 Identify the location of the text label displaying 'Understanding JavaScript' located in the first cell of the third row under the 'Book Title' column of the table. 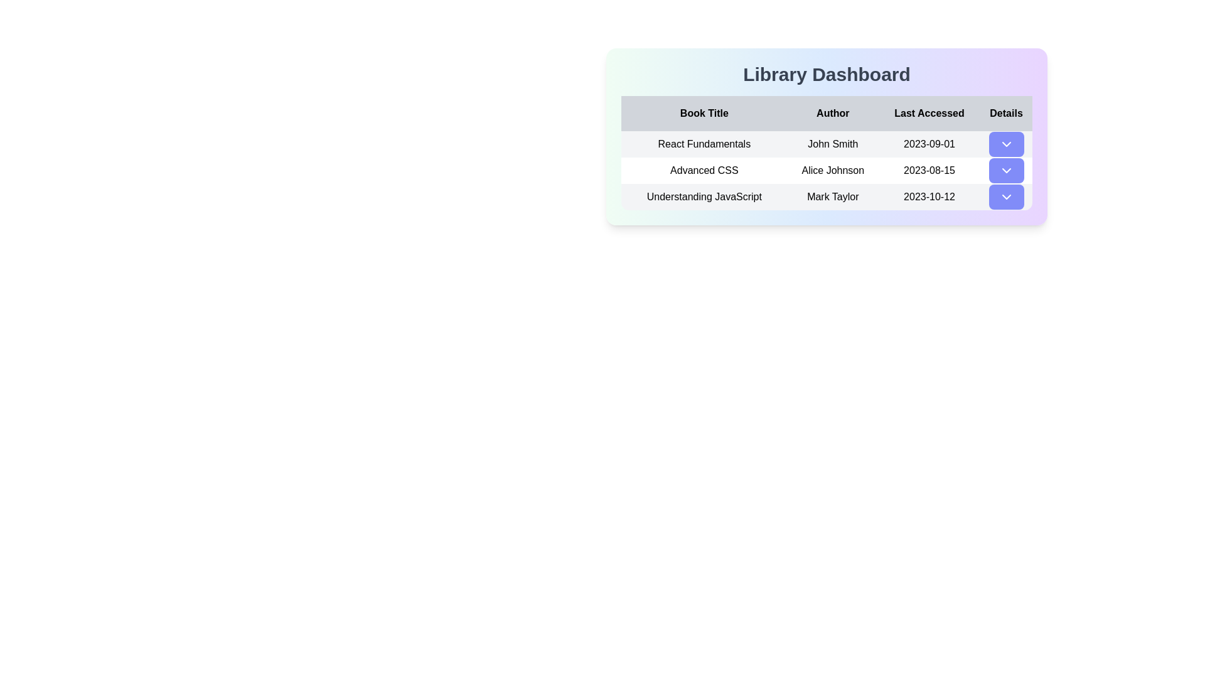
(704, 196).